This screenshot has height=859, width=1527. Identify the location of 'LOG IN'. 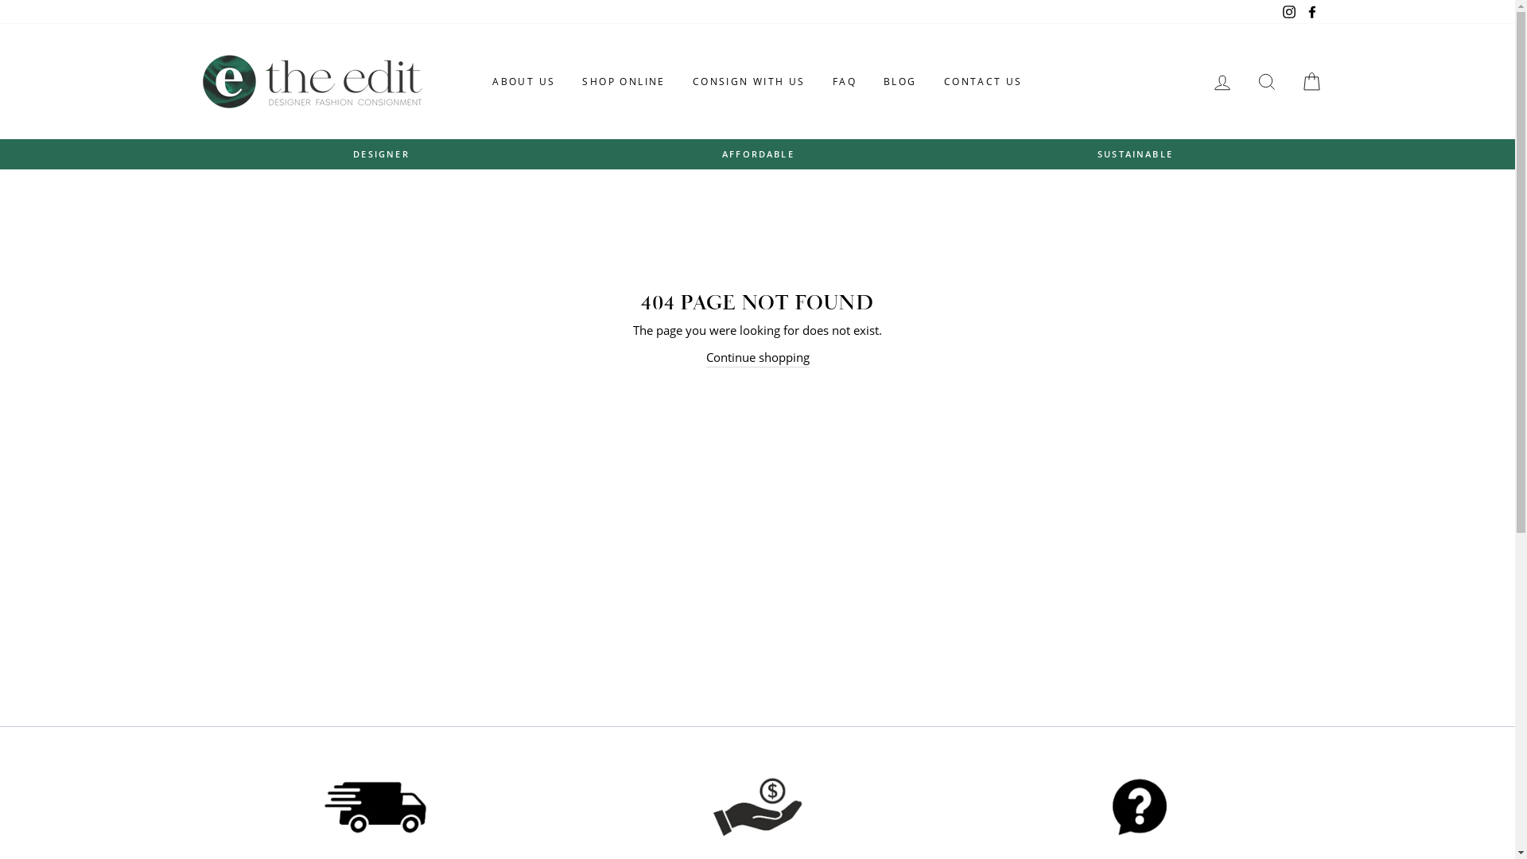
(1221, 81).